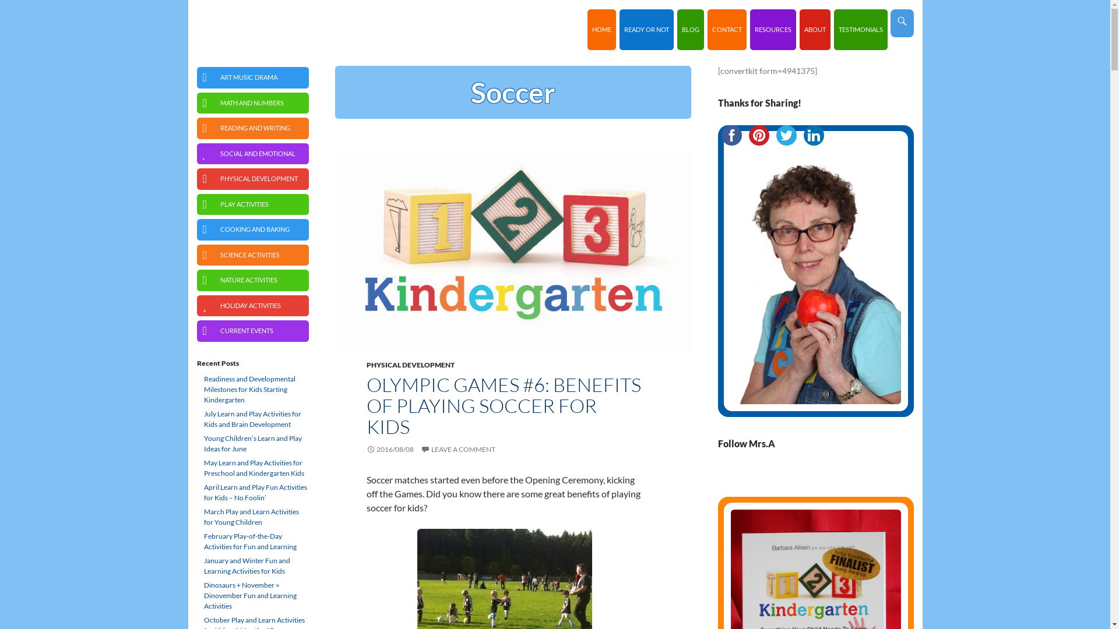  Describe the element at coordinates (196, 128) in the screenshot. I see `'READING AND WRITING'` at that location.